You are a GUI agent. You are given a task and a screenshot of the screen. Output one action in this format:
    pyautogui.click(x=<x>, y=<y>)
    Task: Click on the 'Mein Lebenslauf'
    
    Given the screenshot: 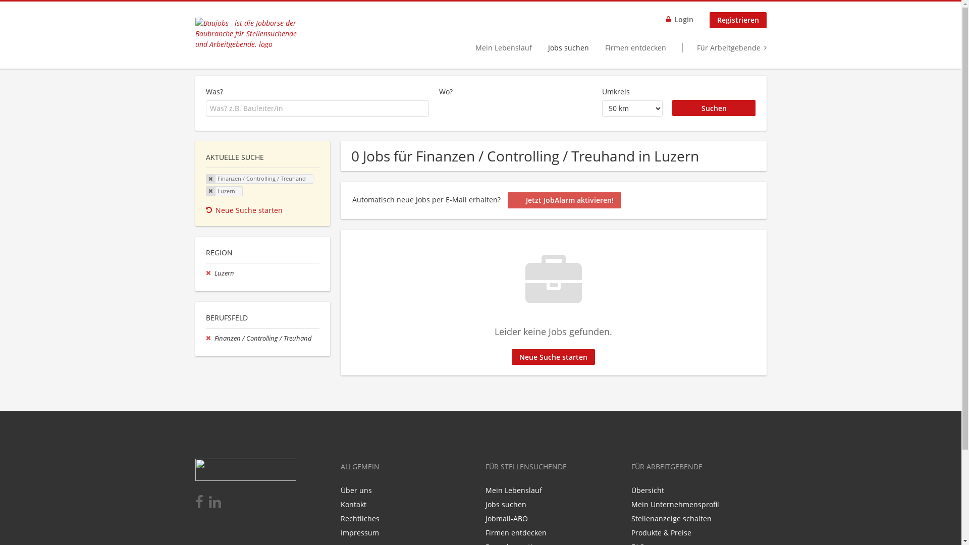 What is the action you would take?
    pyautogui.click(x=513, y=489)
    